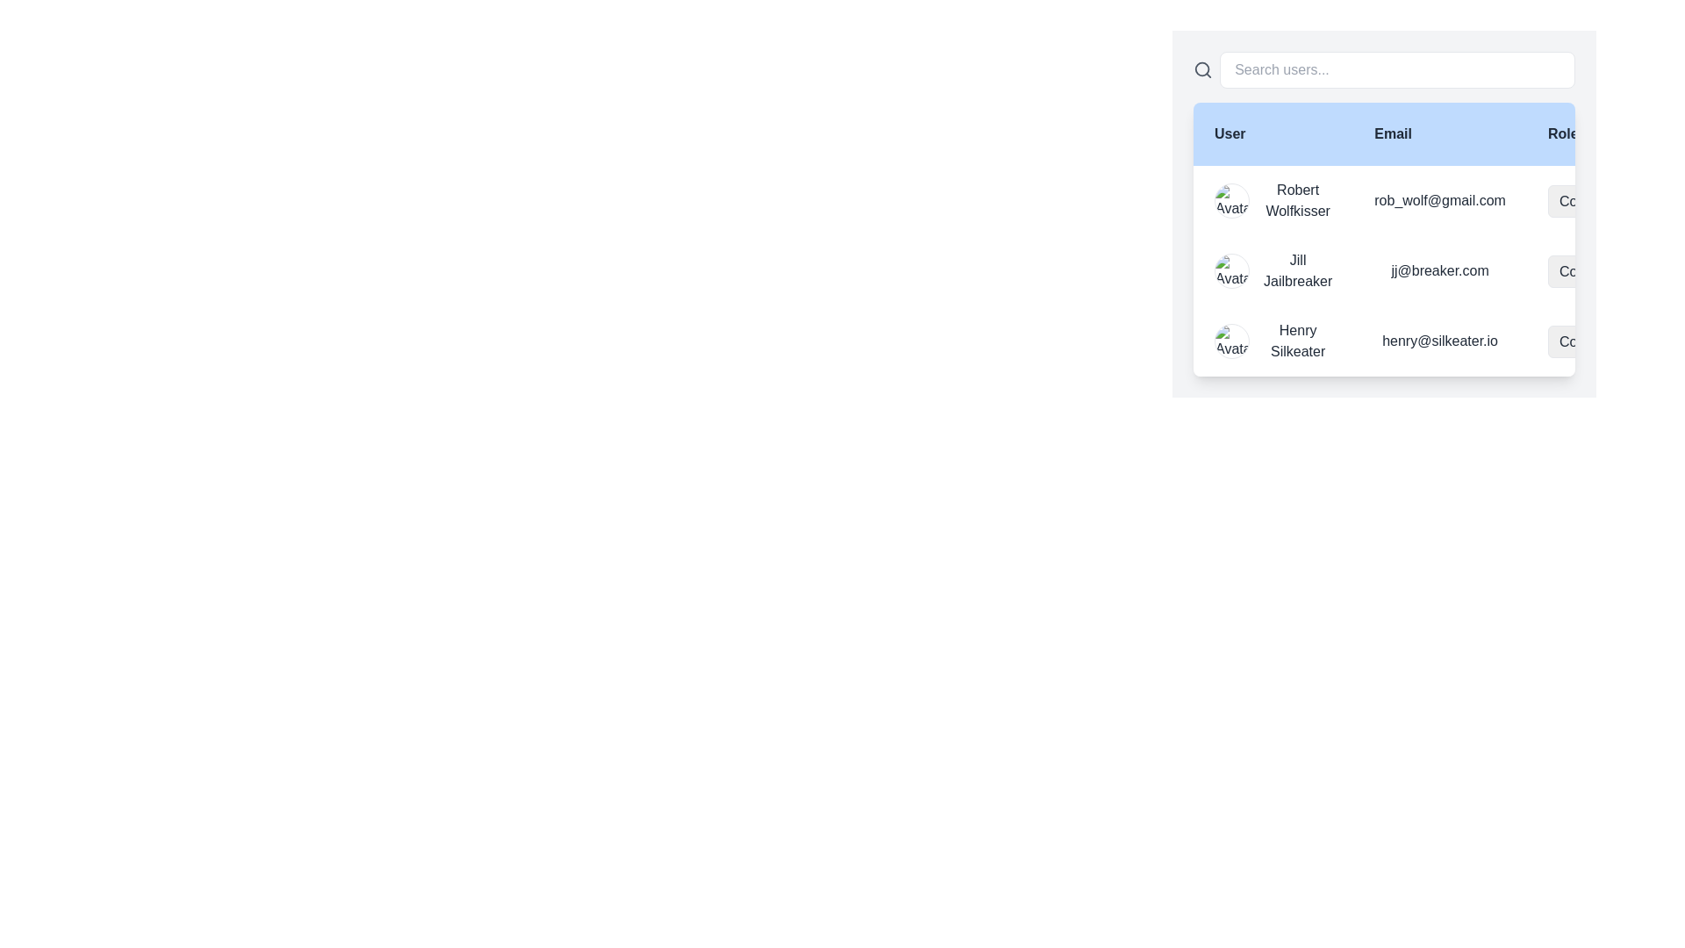  I want to click on the SVG circle that represents a lens within the search icon, located at the top-left corner of the search input field, so click(1201, 68).